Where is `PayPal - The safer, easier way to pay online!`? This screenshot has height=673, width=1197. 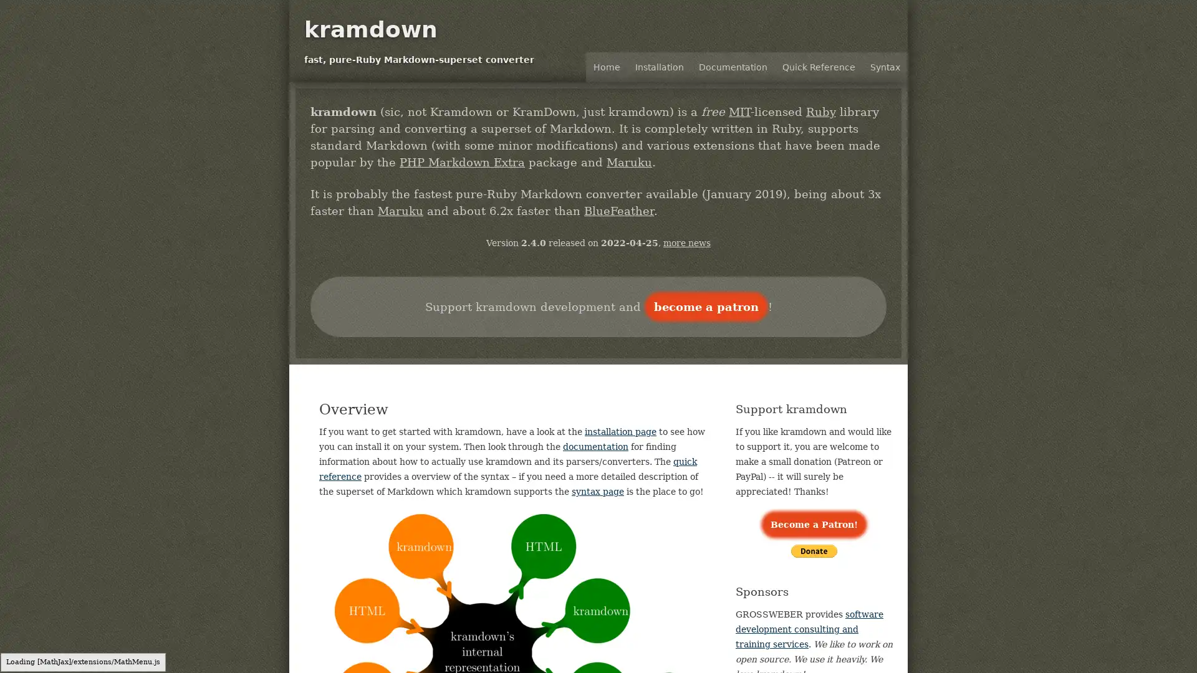 PayPal - The safer, easier way to pay online! is located at coordinates (814, 550).